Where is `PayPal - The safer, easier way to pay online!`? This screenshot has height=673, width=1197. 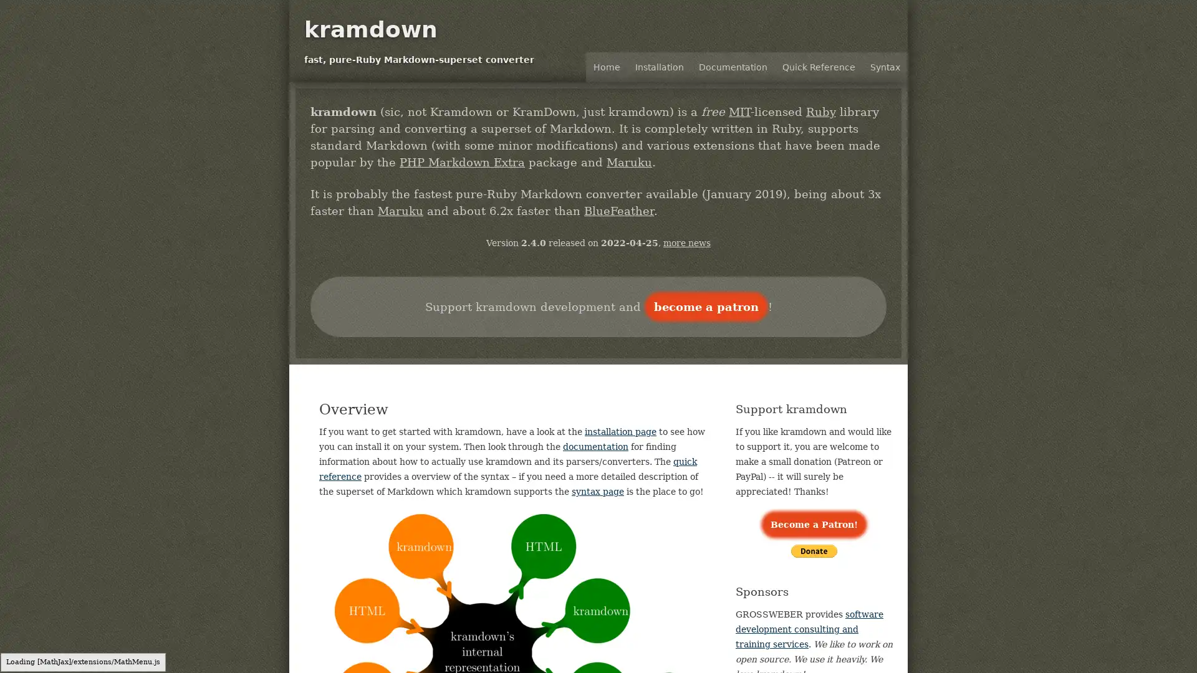 PayPal - The safer, easier way to pay online! is located at coordinates (814, 550).